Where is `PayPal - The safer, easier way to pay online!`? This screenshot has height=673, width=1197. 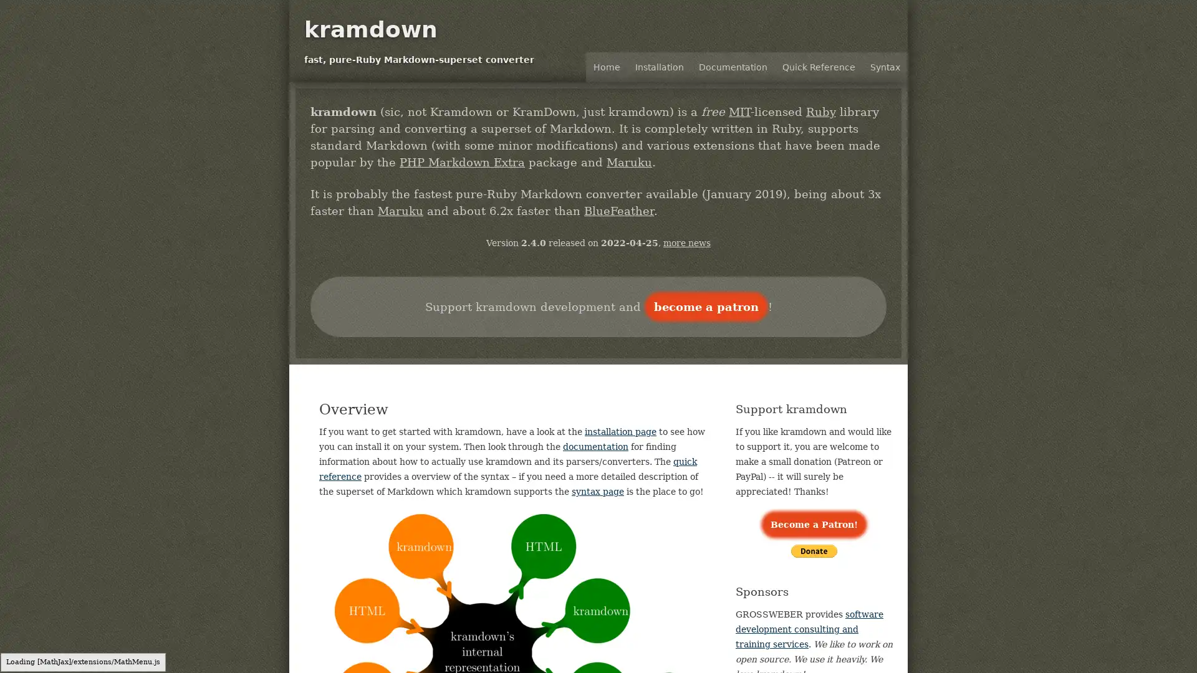 PayPal - The safer, easier way to pay online! is located at coordinates (814, 550).